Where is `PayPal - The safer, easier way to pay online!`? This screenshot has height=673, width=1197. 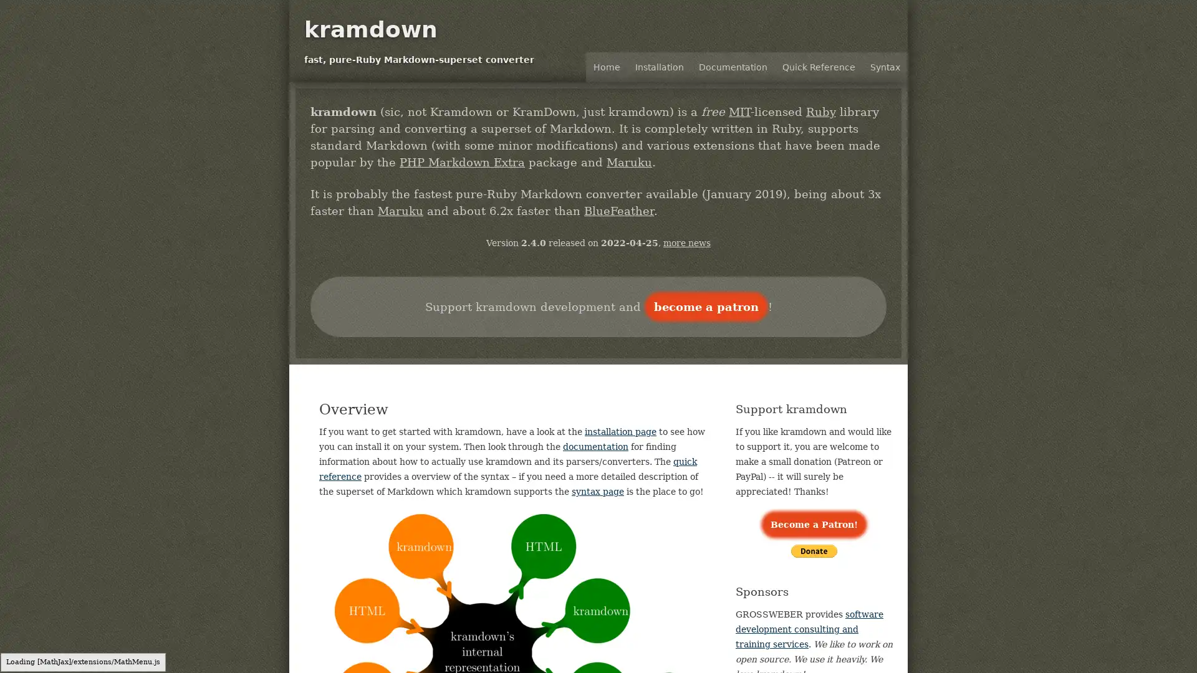 PayPal - The safer, easier way to pay online! is located at coordinates (814, 550).